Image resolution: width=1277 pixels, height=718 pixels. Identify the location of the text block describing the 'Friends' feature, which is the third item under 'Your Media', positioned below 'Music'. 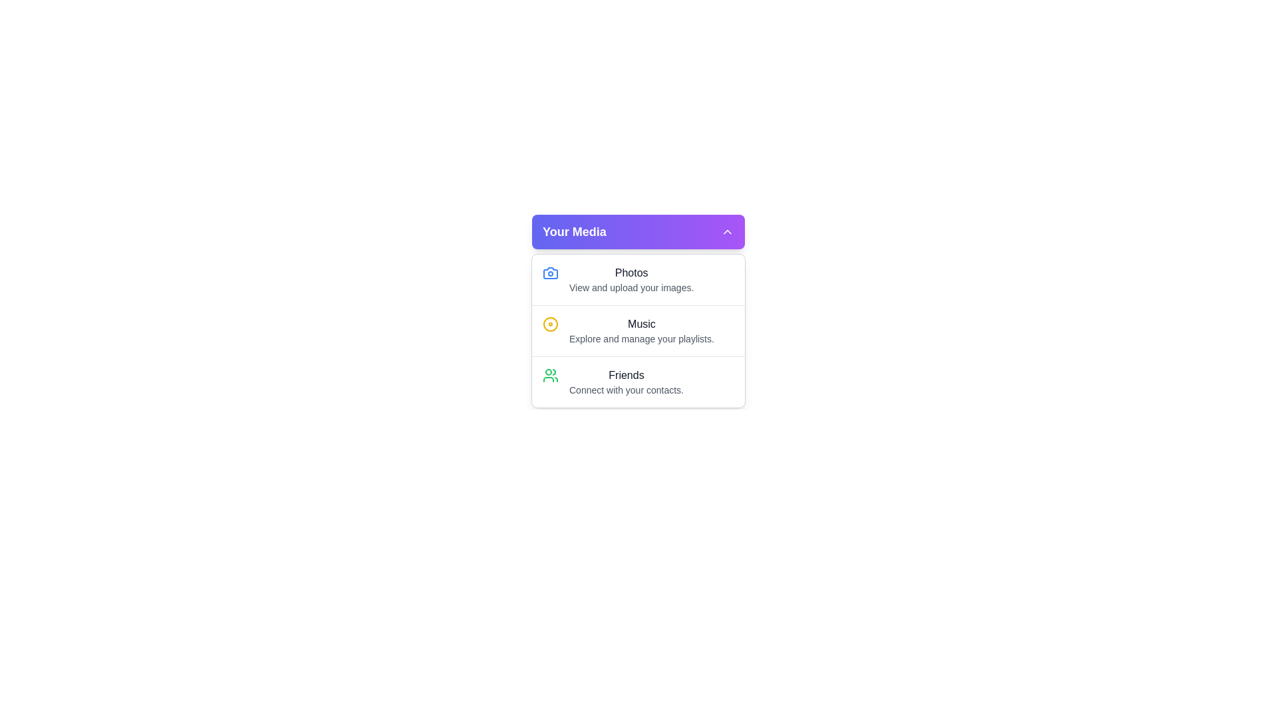
(625, 382).